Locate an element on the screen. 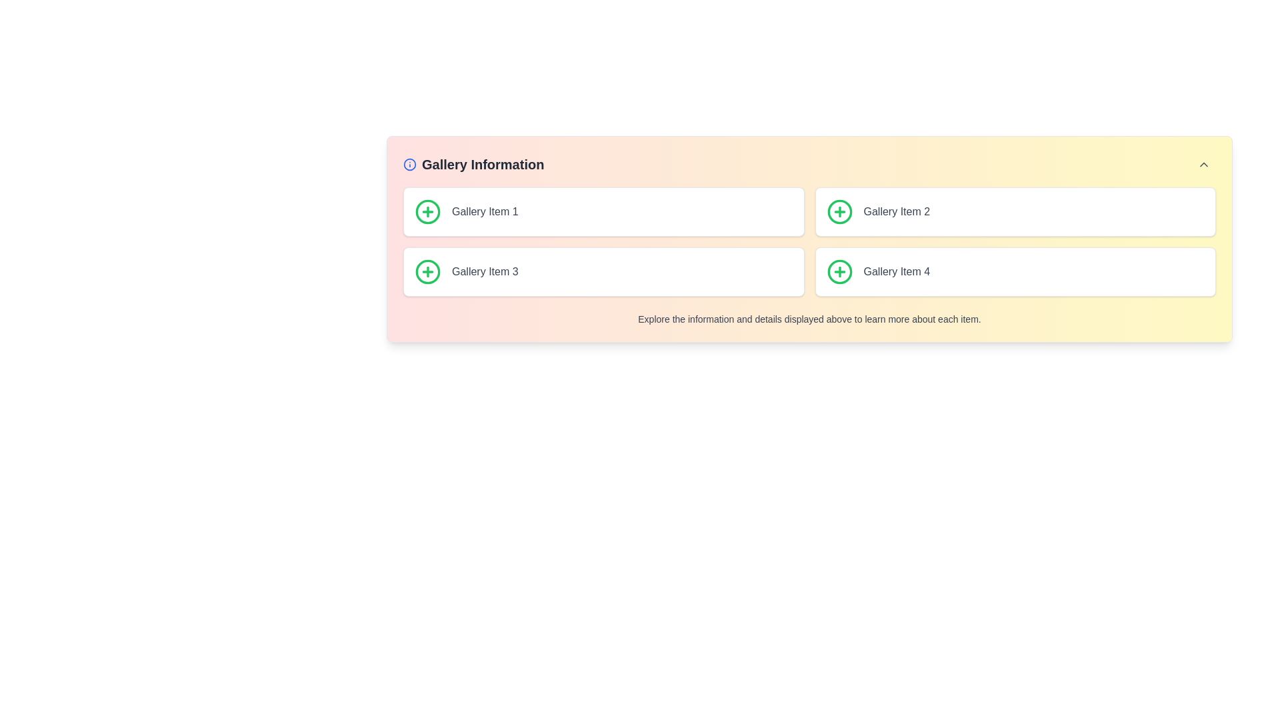 This screenshot has height=720, width=1280. the upward-pointing Chevron icon located at the top-right corner of the 'Gallery Information' section is located at coordinates (1203, 163).